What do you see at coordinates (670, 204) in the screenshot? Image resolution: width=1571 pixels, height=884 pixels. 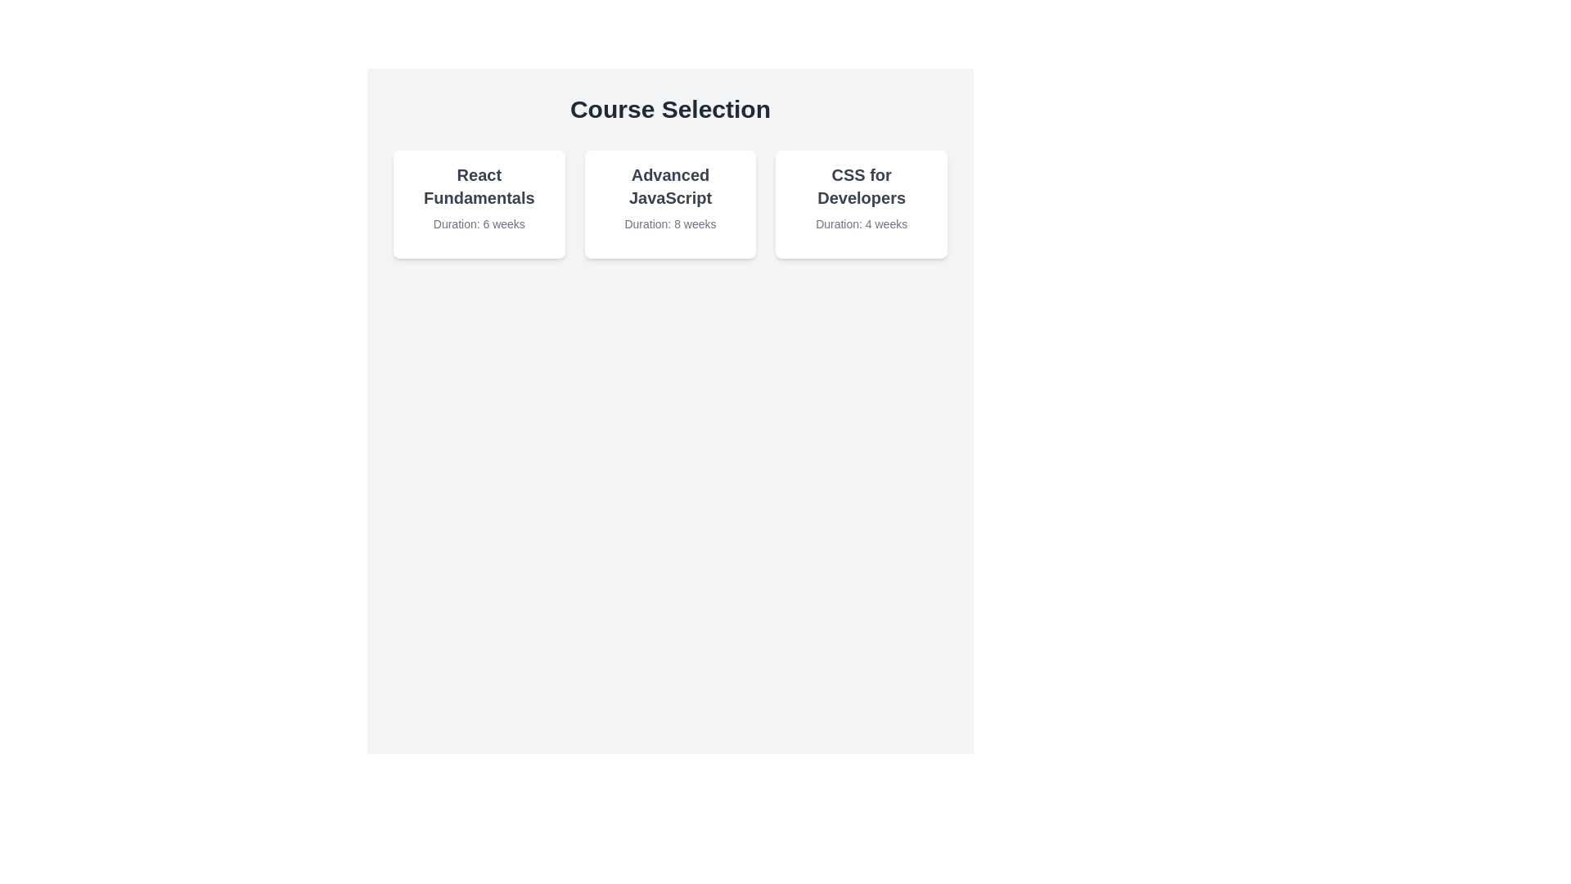 I see `the grid layout containing course items, which includes the titles 'React Fundamentals', 'Advanced JavaScript', and 'CSS for Developers' arranged in three blocks with a white background and rounded corners` at bounding box center [670, 204].